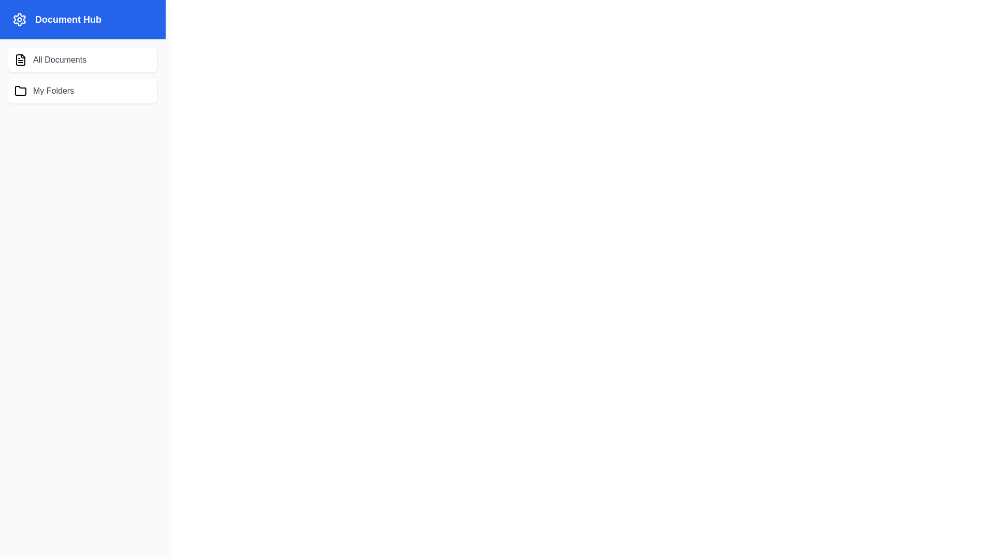 Image resolution: width=994 pixels, height=559 pixels. What do you see at coordinates (82, 20) in the screenshot?
I see `the 'Document Hub' section in the header` at bounding box center [82, 20].